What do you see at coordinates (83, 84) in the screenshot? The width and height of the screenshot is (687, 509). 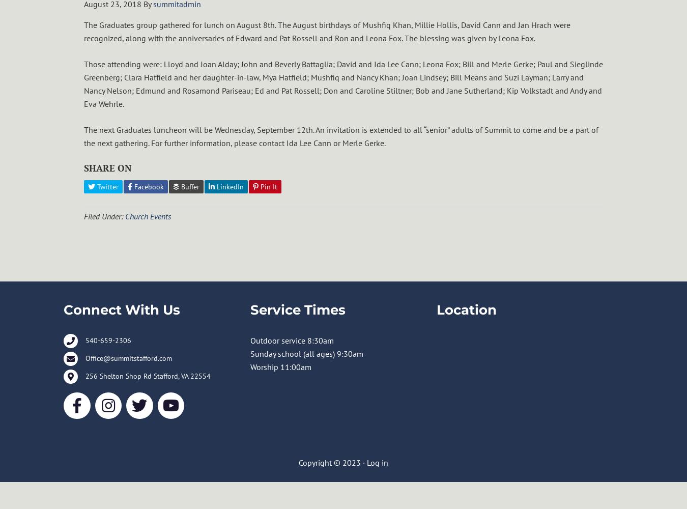 I see `'Those attending were:  Lloyd and Joan Alday; John and Beverly Battaglia; David and Ida Lee Cann; Leona Fox; Bill and Merle Gerke; Paul and Sieglinde Greenberg; Clara Hatfield and her daughter-in-law, Mya Hatfield; Mushfiq and Nancy Khan; Joan Lindsey; Bill Means and Suzi Layman; Larry and Nancy Nelson; Edmund and Rosamond Pariseau; Ed and Pat Rossell; Don and Caroline Stiltner; Bob and Jane Sutherland; Kip Volkstadt and Andy and Eva Wehrle.'` at bounding box center [83, 84].